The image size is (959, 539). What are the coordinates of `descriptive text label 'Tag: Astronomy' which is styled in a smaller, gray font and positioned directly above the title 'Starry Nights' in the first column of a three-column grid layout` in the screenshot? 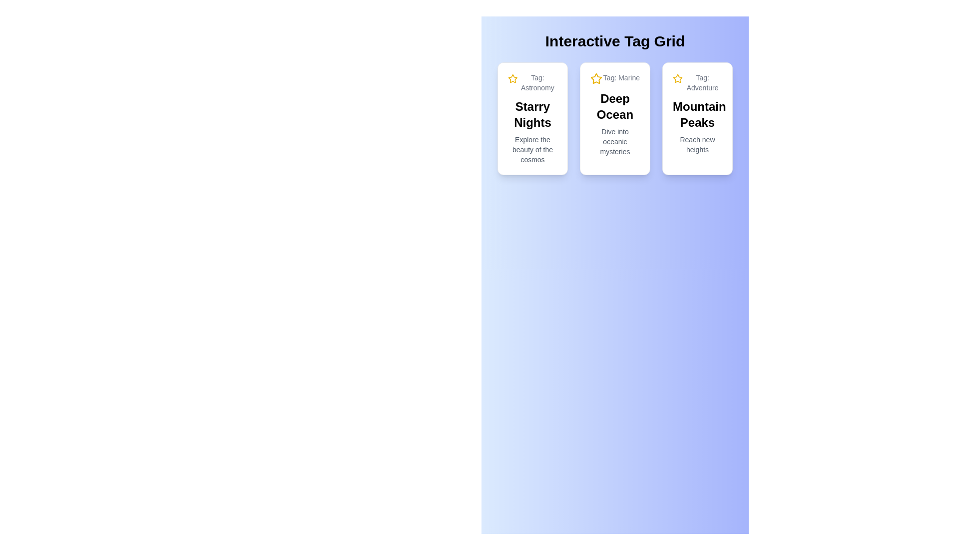 It's located at (537, 82).